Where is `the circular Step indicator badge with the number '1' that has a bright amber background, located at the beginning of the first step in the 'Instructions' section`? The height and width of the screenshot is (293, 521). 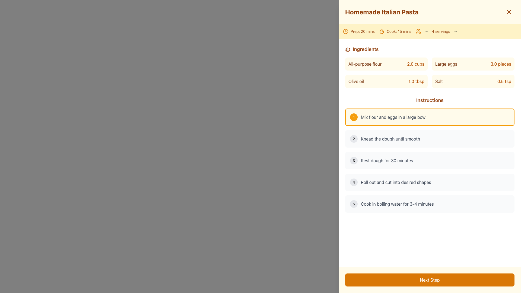 the circular Step indicator badge with the number '1' that has a bright amber background, located at the beginning of the first step in the 'Instructions' section is located at coordinates (354, 117).